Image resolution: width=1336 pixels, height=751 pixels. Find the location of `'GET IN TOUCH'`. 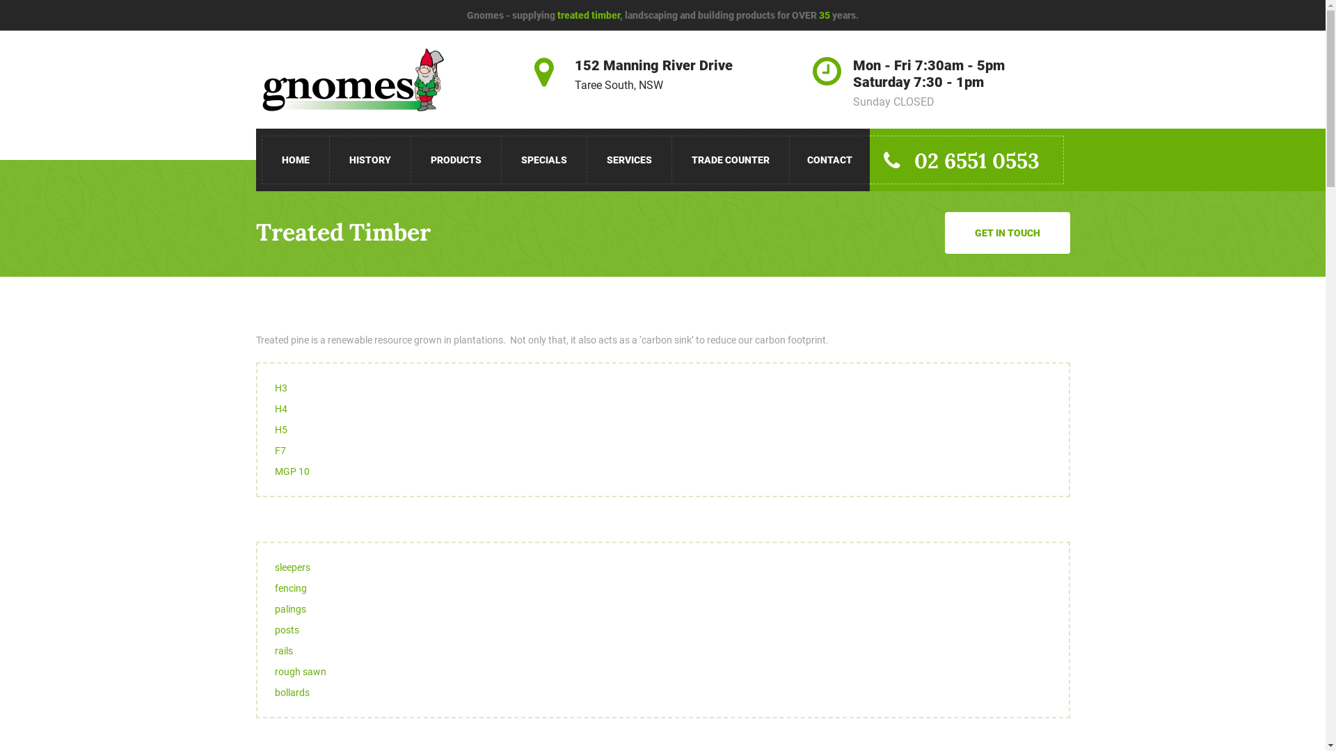

'GET IN TOUCH' is located at coordinates (1008, 232).